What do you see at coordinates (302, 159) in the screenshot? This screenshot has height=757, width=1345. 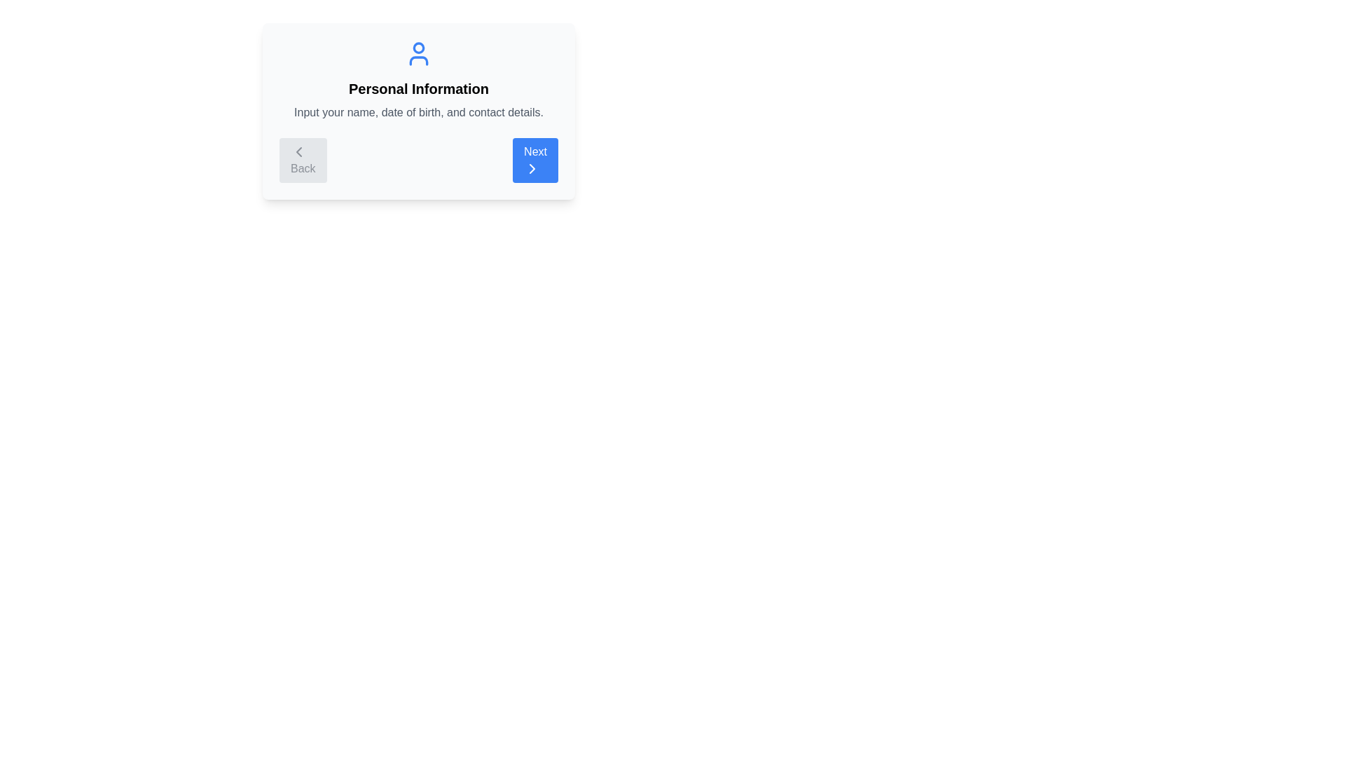 I see `the 'Back' button to navigate to the previous step` at bounding box center [302, 159].